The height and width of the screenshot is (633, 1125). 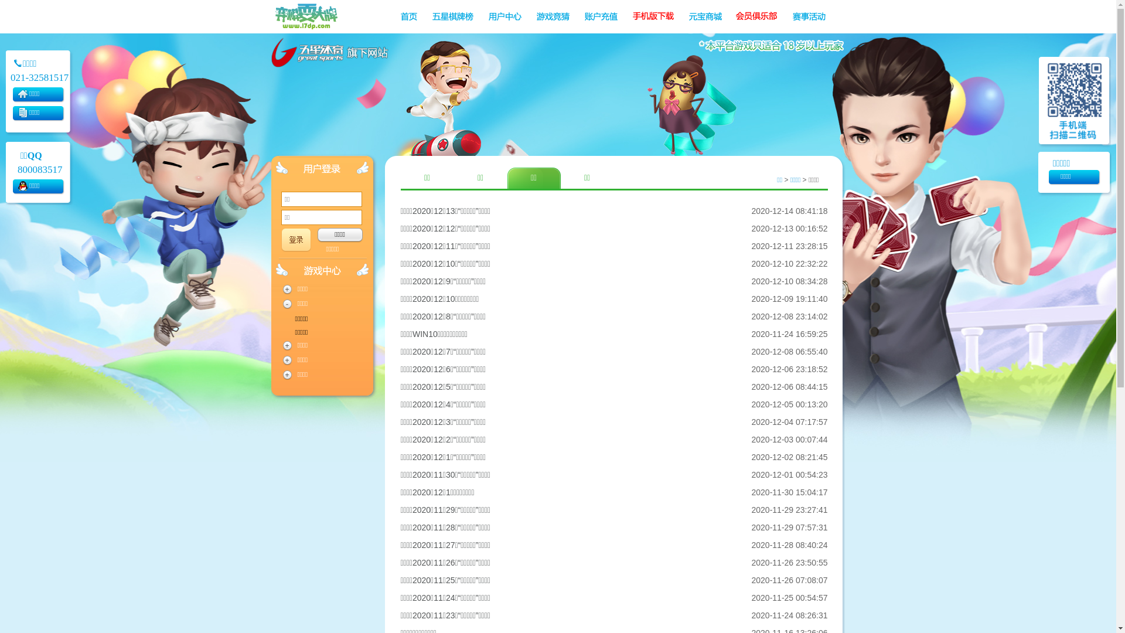 I want to click on '-', so click(x=287, y=304).